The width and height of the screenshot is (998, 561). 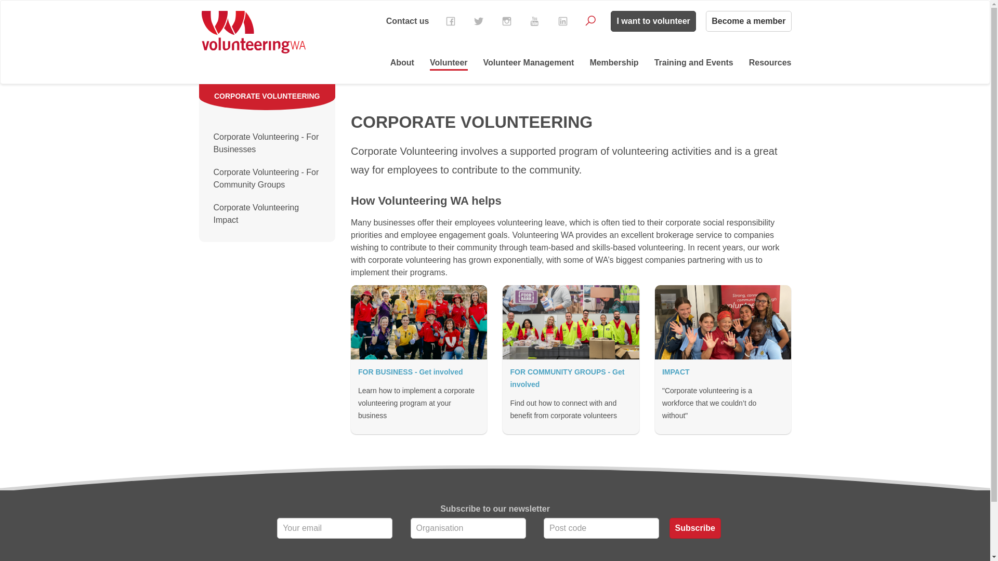 I want to click on 'FOR COMMUNITY GROUPS - Get involved', so click(x=566, y=378).